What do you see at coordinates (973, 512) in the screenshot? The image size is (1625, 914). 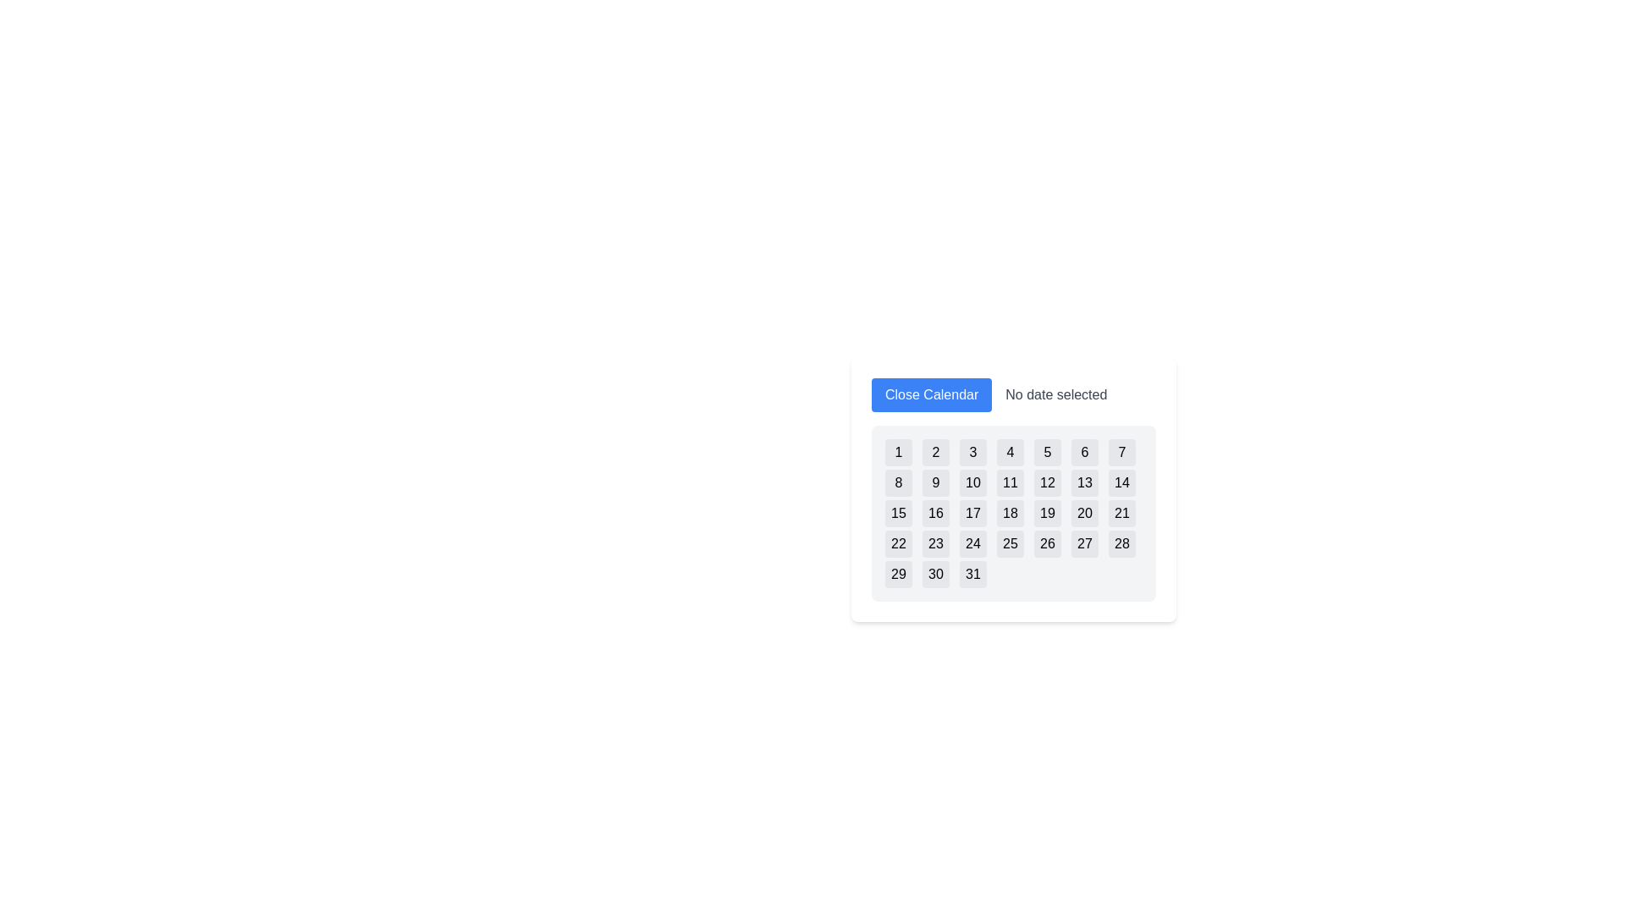 I see `the date selection button located in the third row and third column of the calendar grid` at bounding box center [973, 512].